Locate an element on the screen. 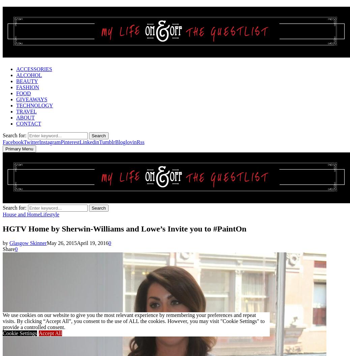 The height and width of the screenshot is (356, 350). 'Tumblr' is located at coordinates (107, 142).